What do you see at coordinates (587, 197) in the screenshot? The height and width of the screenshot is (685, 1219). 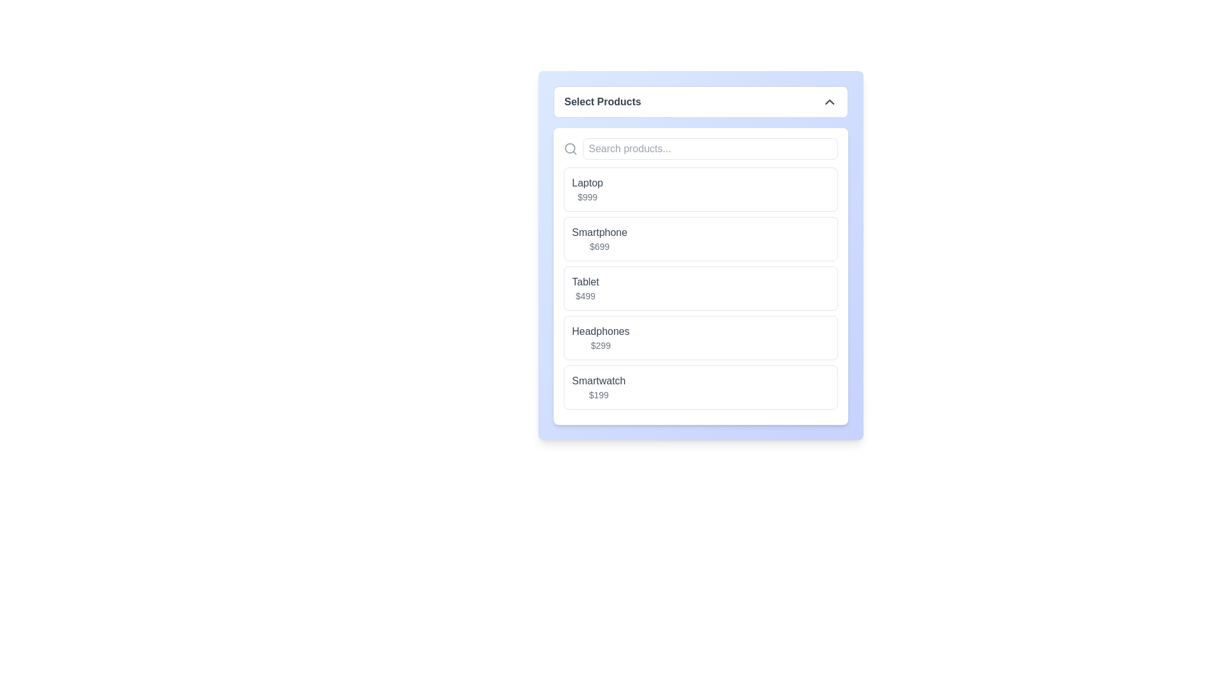 I see `the price tag displaying '$999', which is positioned below the product name 'Laptop' in the product list` at bounding box center [587, 197].